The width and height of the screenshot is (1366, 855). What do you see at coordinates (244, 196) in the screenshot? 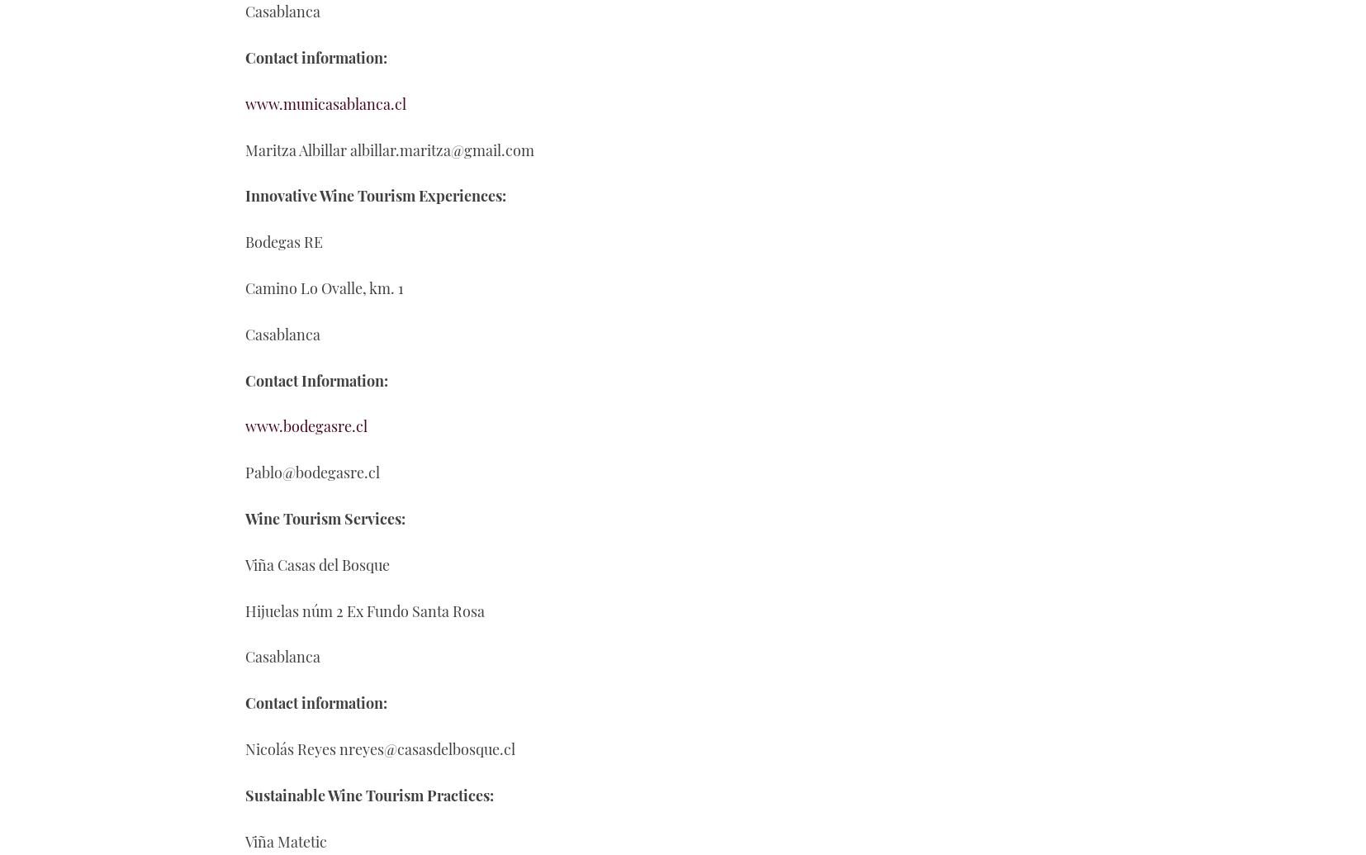
I see `'Innovative Wine Tourism Experiences:'` at bounding box center [244, 196].